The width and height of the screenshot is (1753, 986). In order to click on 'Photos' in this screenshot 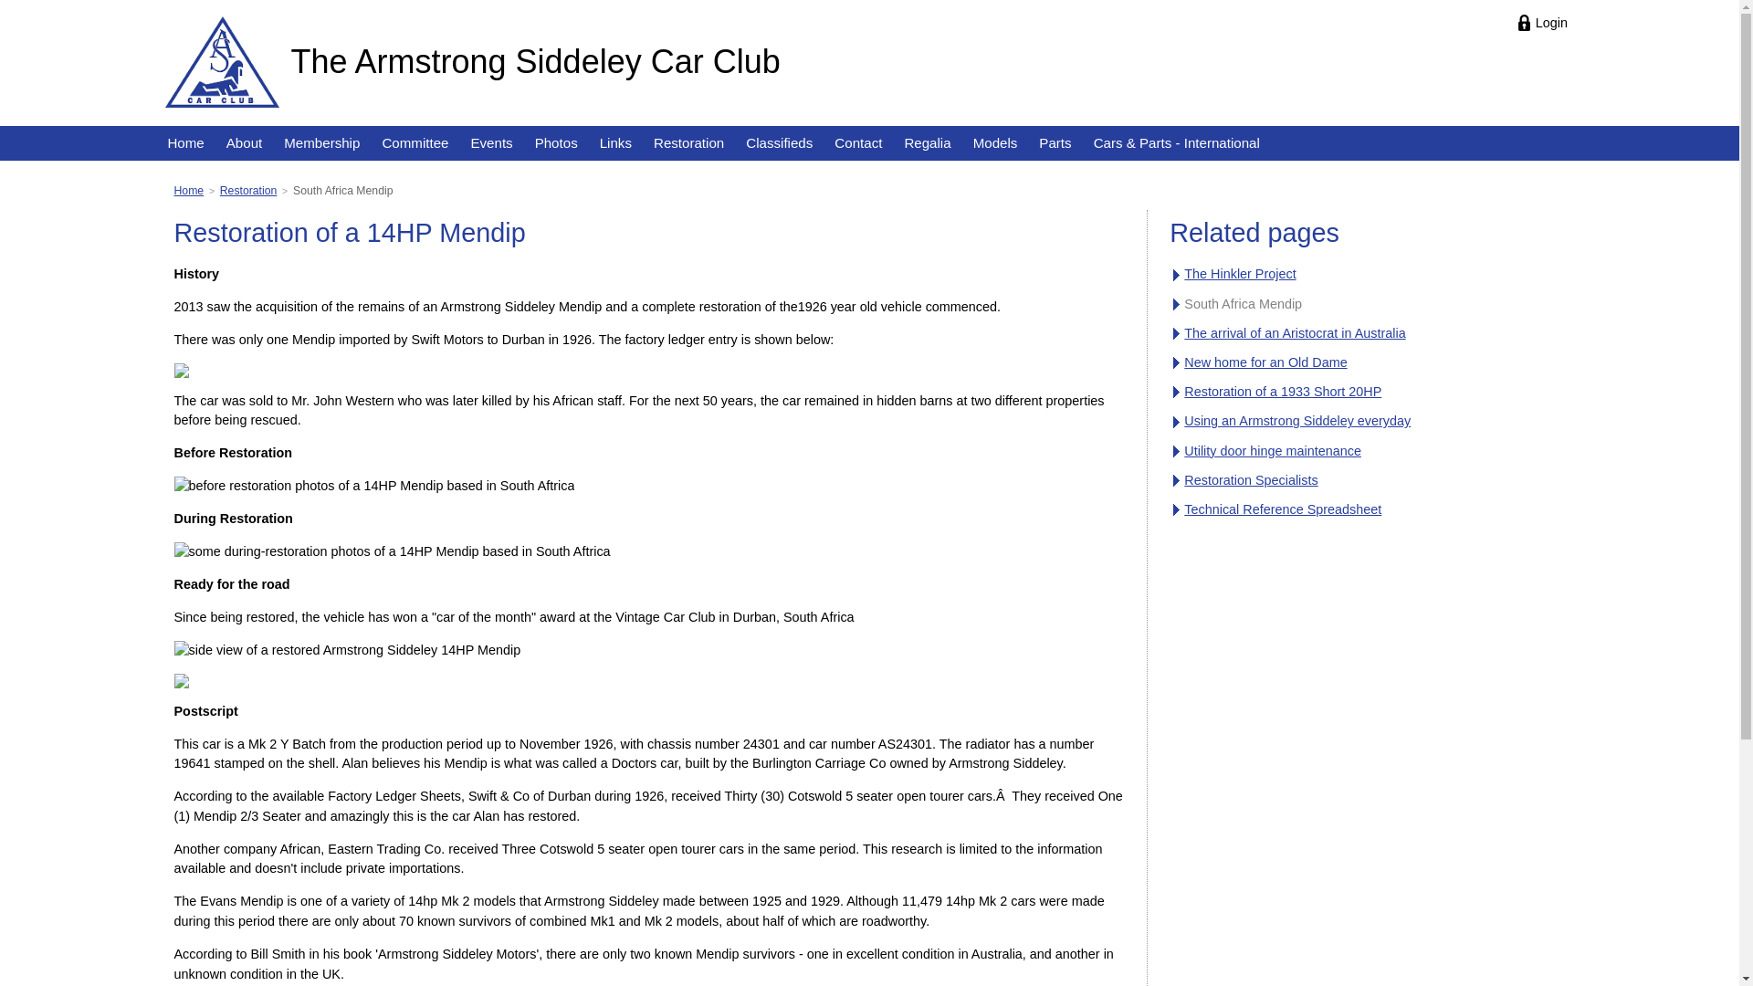, I will do `click(555, 142)`.